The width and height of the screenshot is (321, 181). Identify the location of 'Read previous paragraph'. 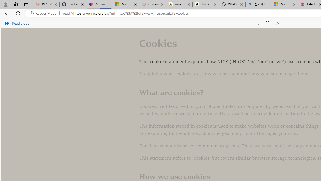
(257, 23).